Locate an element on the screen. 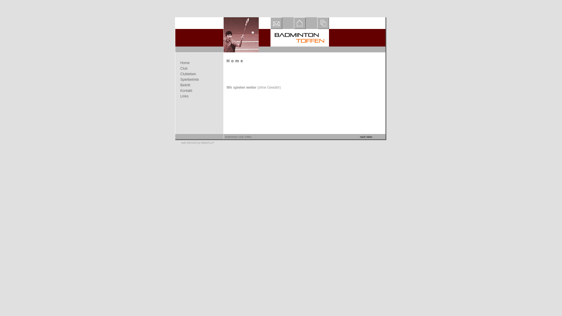 This screenshot has height=316, width=562. 'Kontakt' is located at coordinates (199, 90).